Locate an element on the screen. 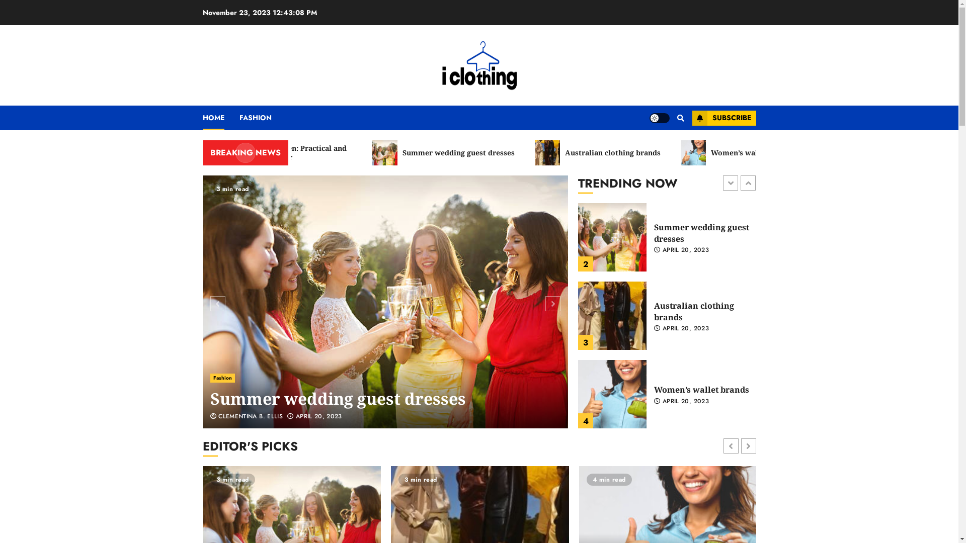  'Clear Heels for Women: Practical and Fashionable Footwear' is located at coordinates (307, 153).